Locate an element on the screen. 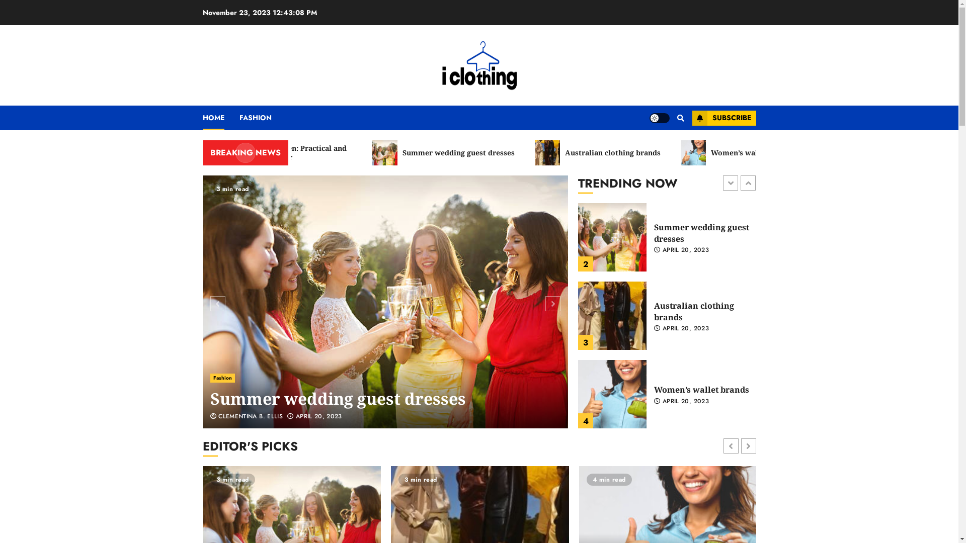  'Clear Heels for Women: Practical and Fashionable Footwear' is located at coordinates (307, 153).